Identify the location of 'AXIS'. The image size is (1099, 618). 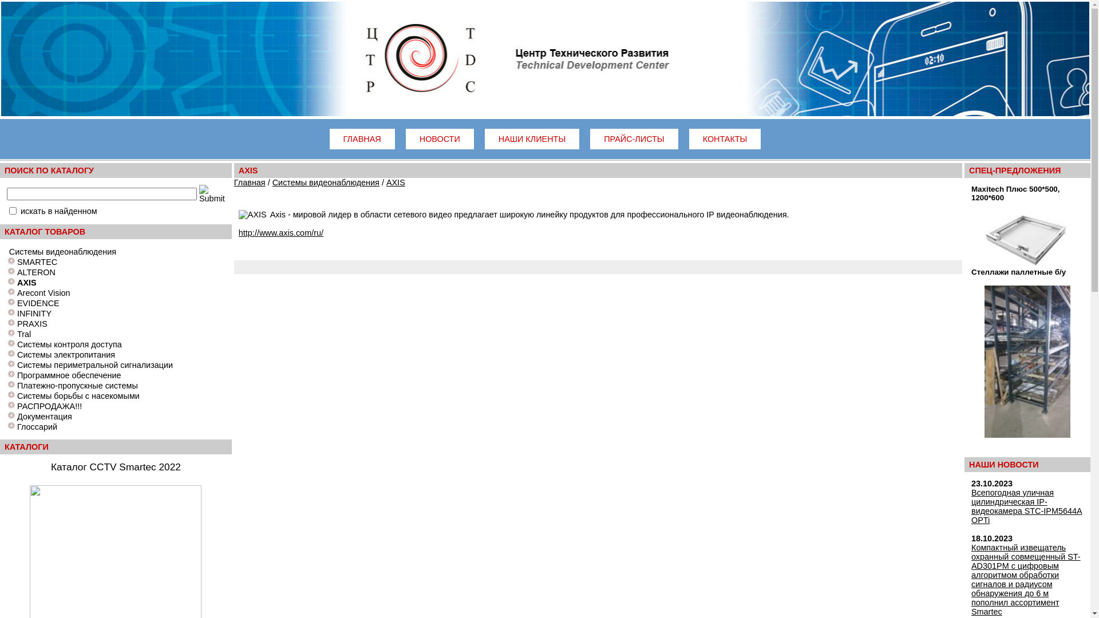
(17, 282).